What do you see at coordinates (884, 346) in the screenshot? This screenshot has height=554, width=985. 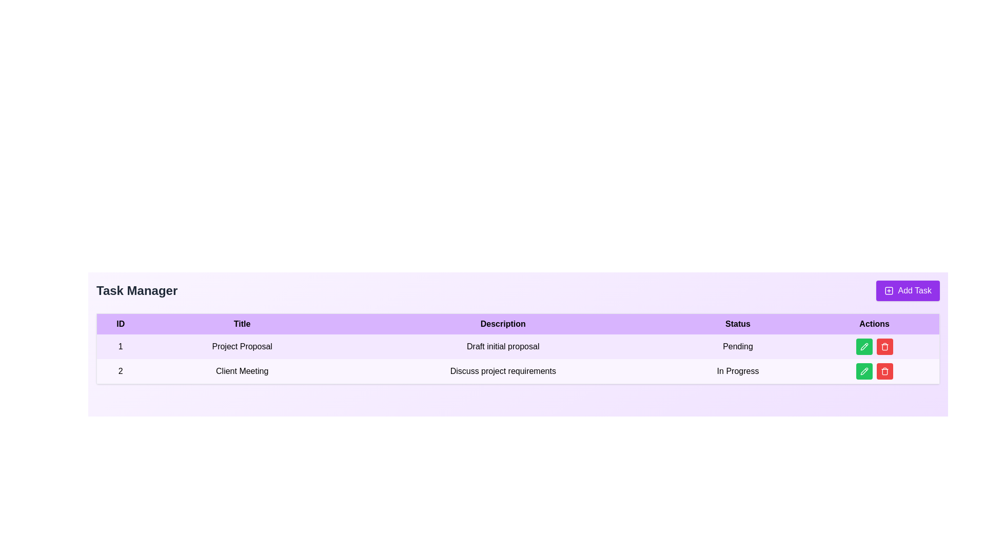 I see `the red trash bin icon button located in the 'Actions' column of the second row in the table` at bounding box center [884, 346].